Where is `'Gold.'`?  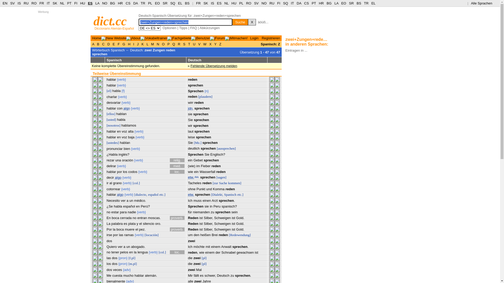
'Gold.' is located at coordinates (240, 224).